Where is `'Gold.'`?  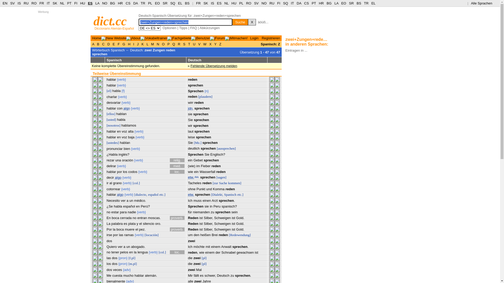
'Gold.' is located at coordinates (240, 224).